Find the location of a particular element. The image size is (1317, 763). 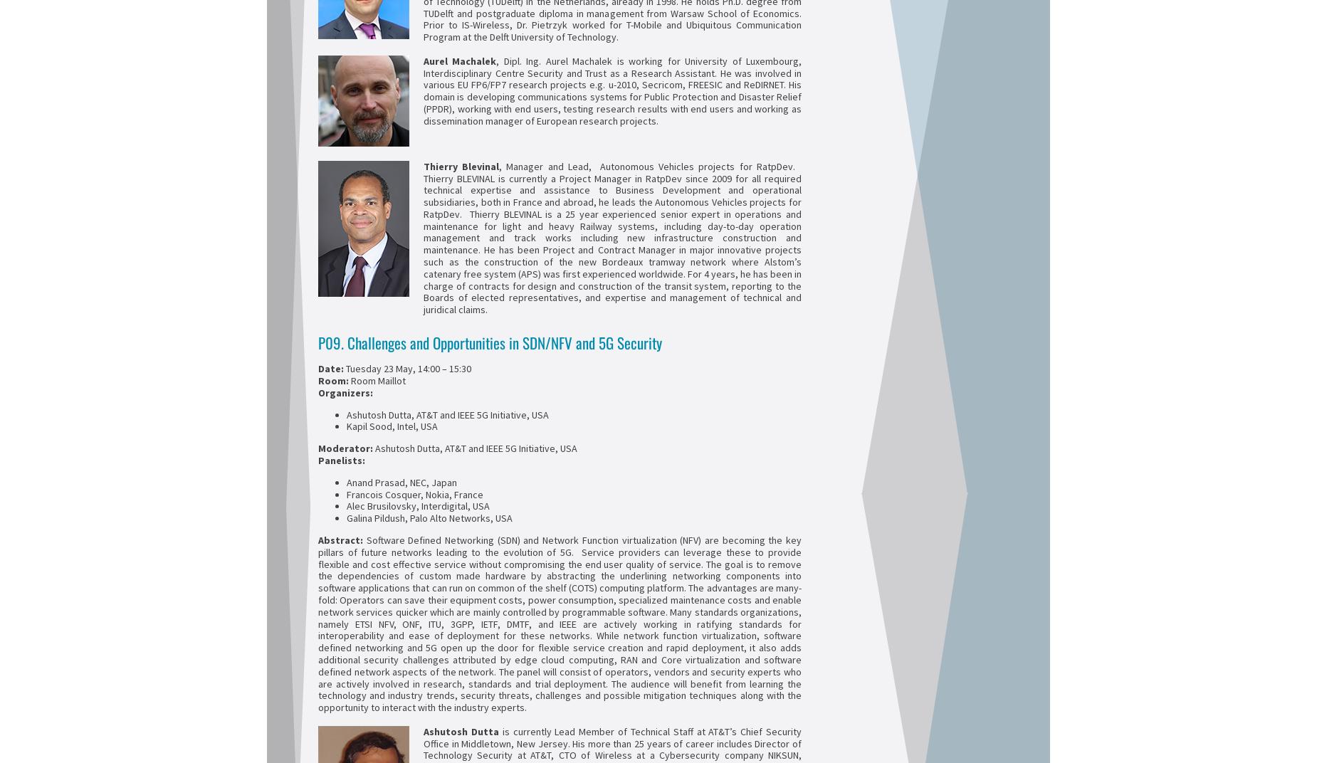

'P09. Challenges and Opportunities in SDN/NFV and 5G Security' is located at coordinates (490, 342).